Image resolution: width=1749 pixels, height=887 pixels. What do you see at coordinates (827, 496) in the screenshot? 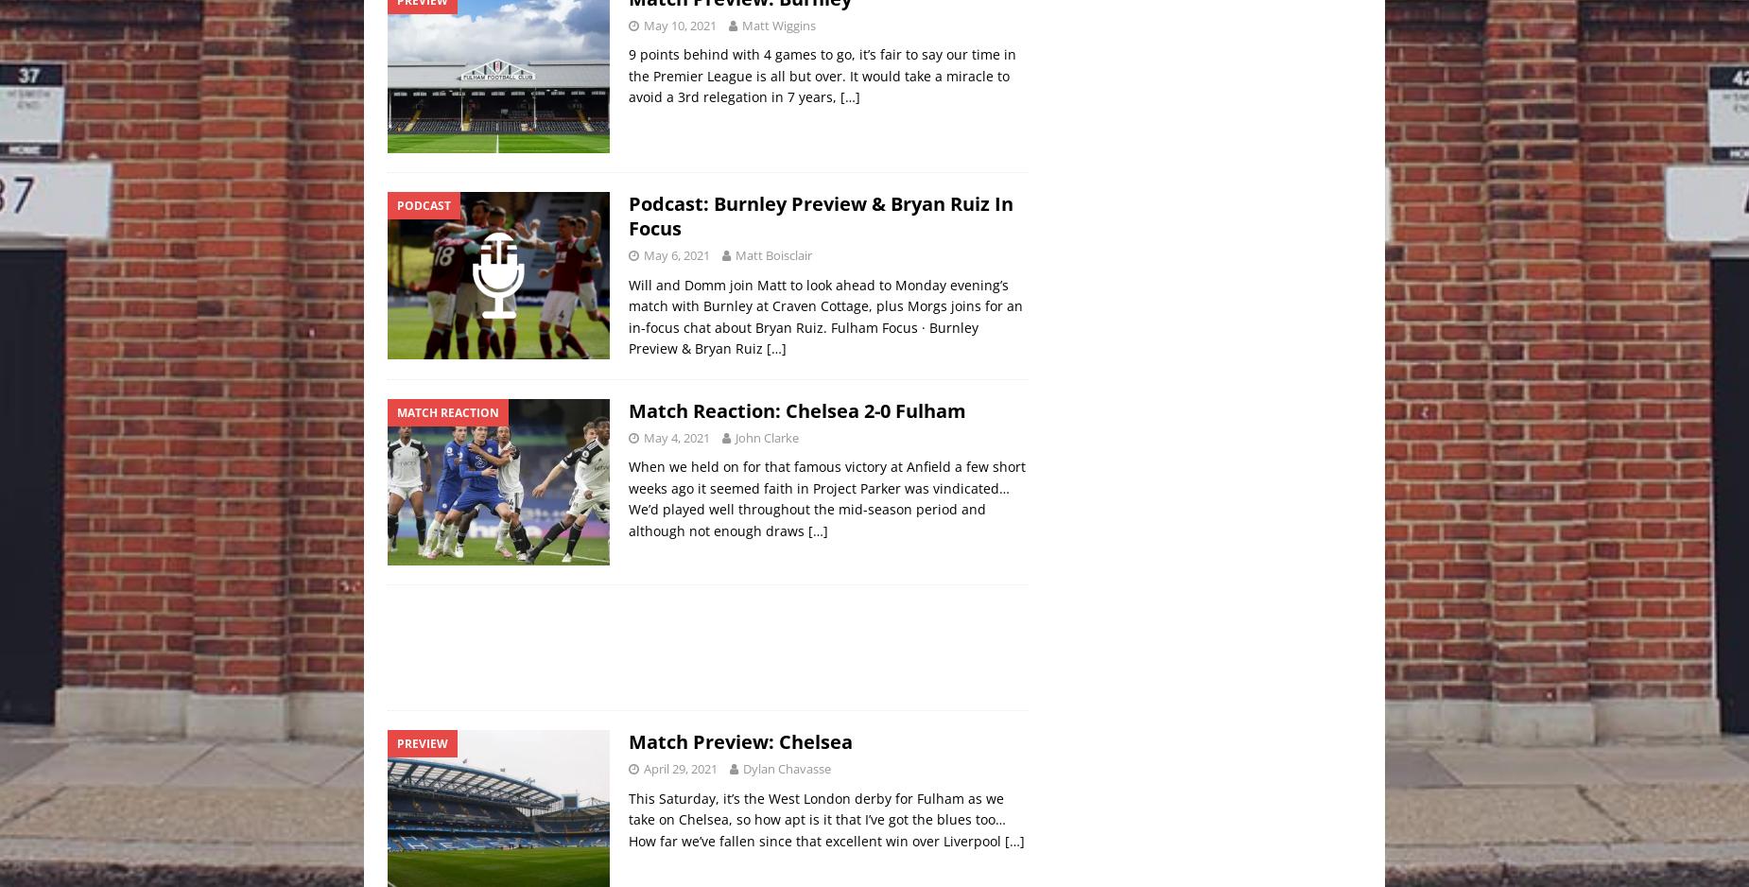
I see `'When we held on for that famous victory at Anfield a few short weeks ago it seemed faith in Project Parker was vindicated… We’d played well throughout the mid-season period and although not enough draws'` at bounding box center [827, 496].